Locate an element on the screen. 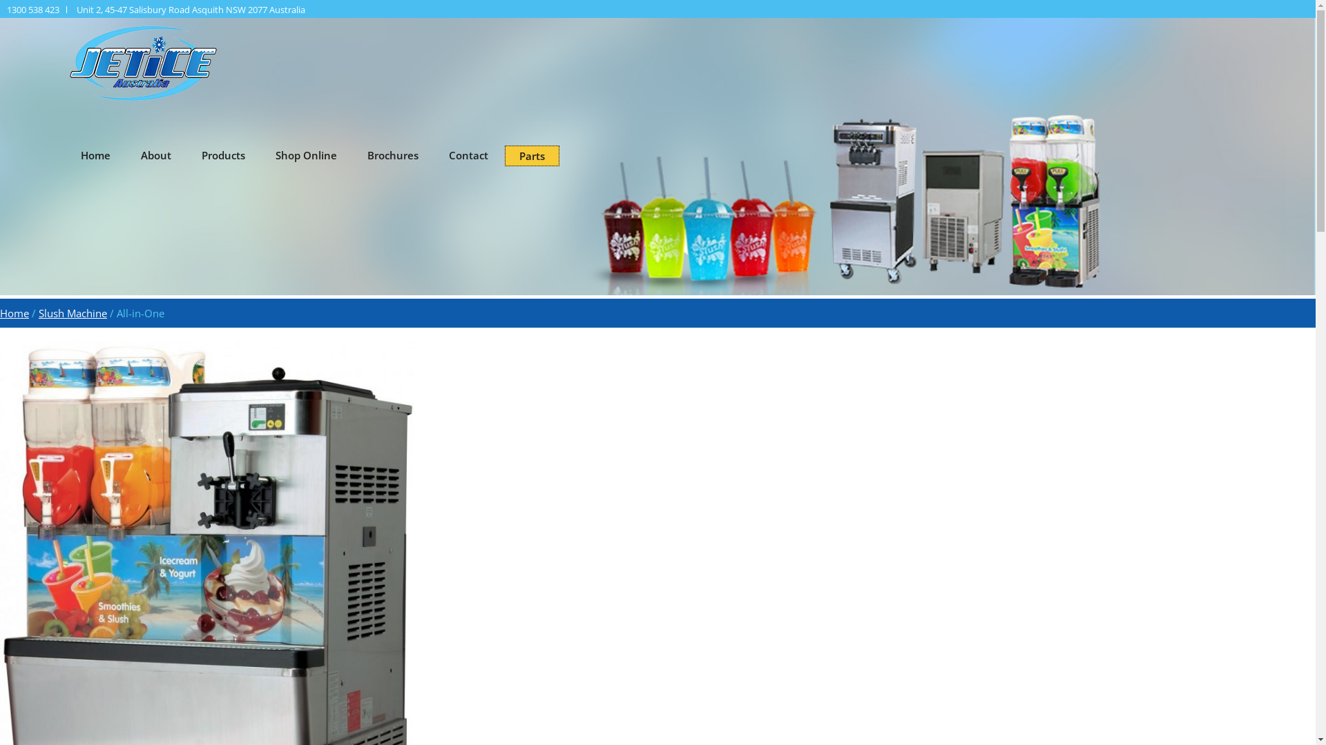 The height and width of the screenshot is (745, 1326). 'About' is located at coordinates (155, 155).